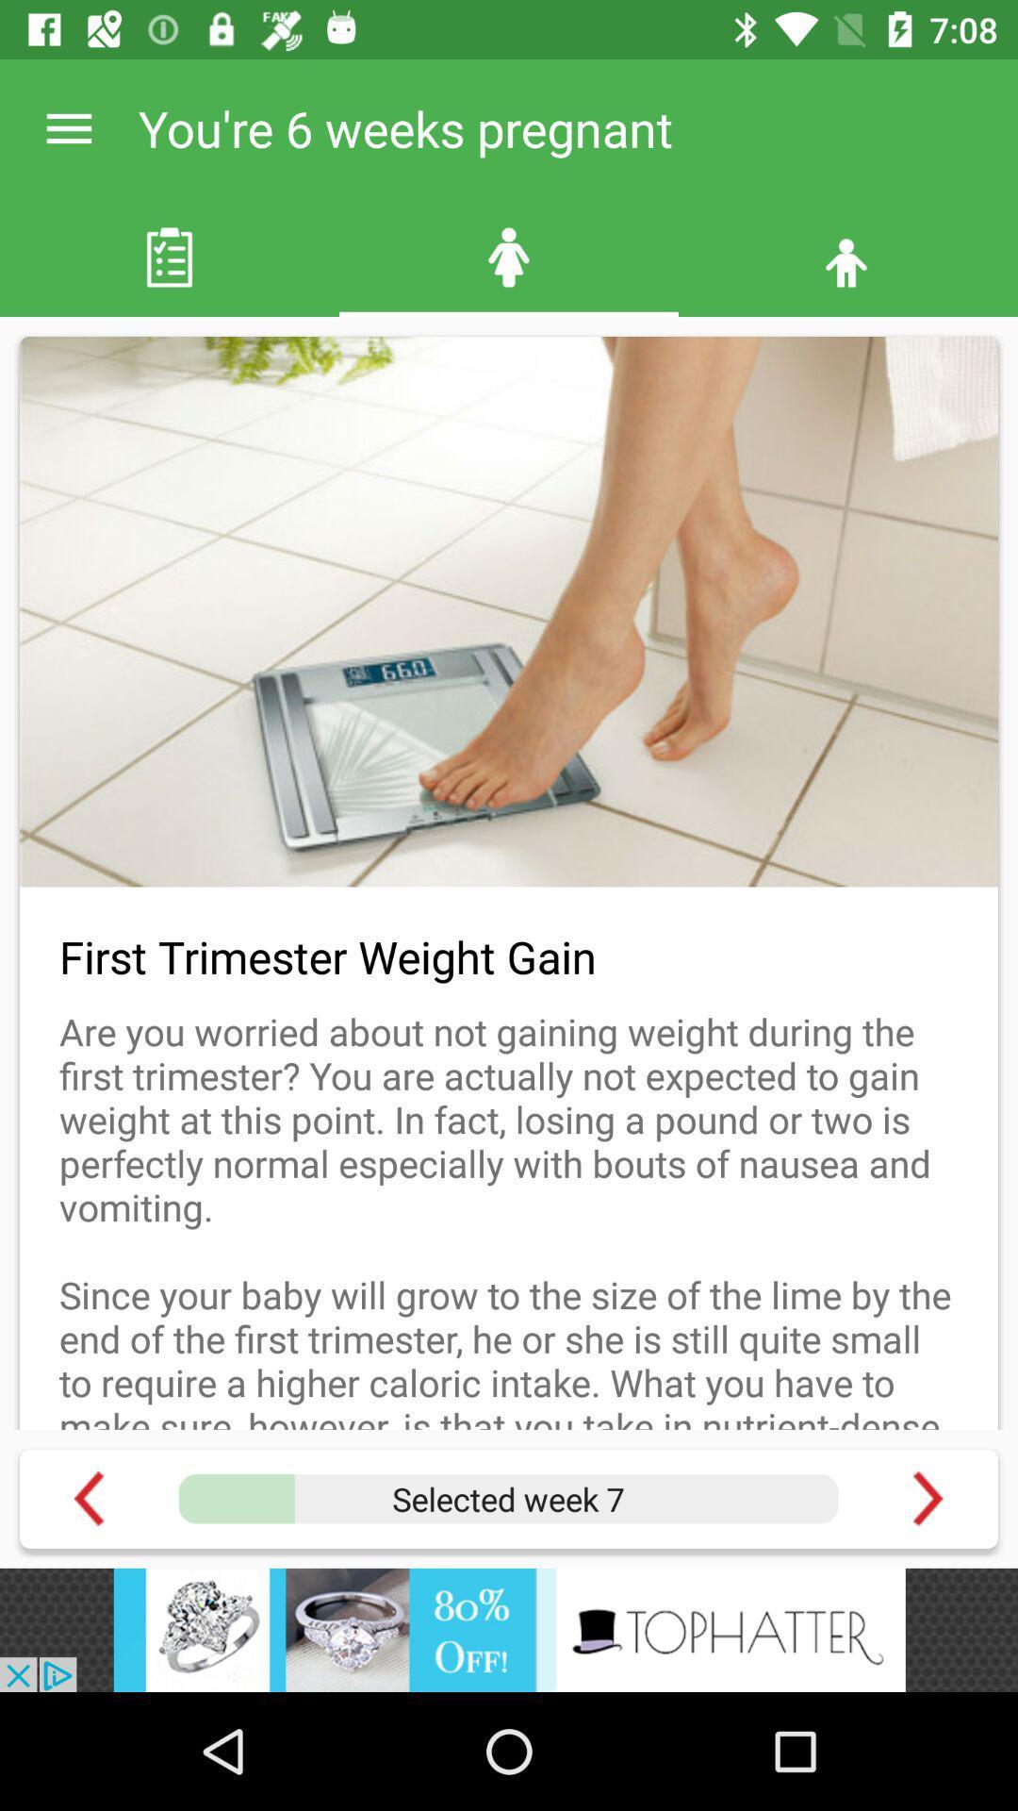 Image resolution: width=1018 pixels, height=1811 pixels. I want to click on next week, so click(927, 1498).